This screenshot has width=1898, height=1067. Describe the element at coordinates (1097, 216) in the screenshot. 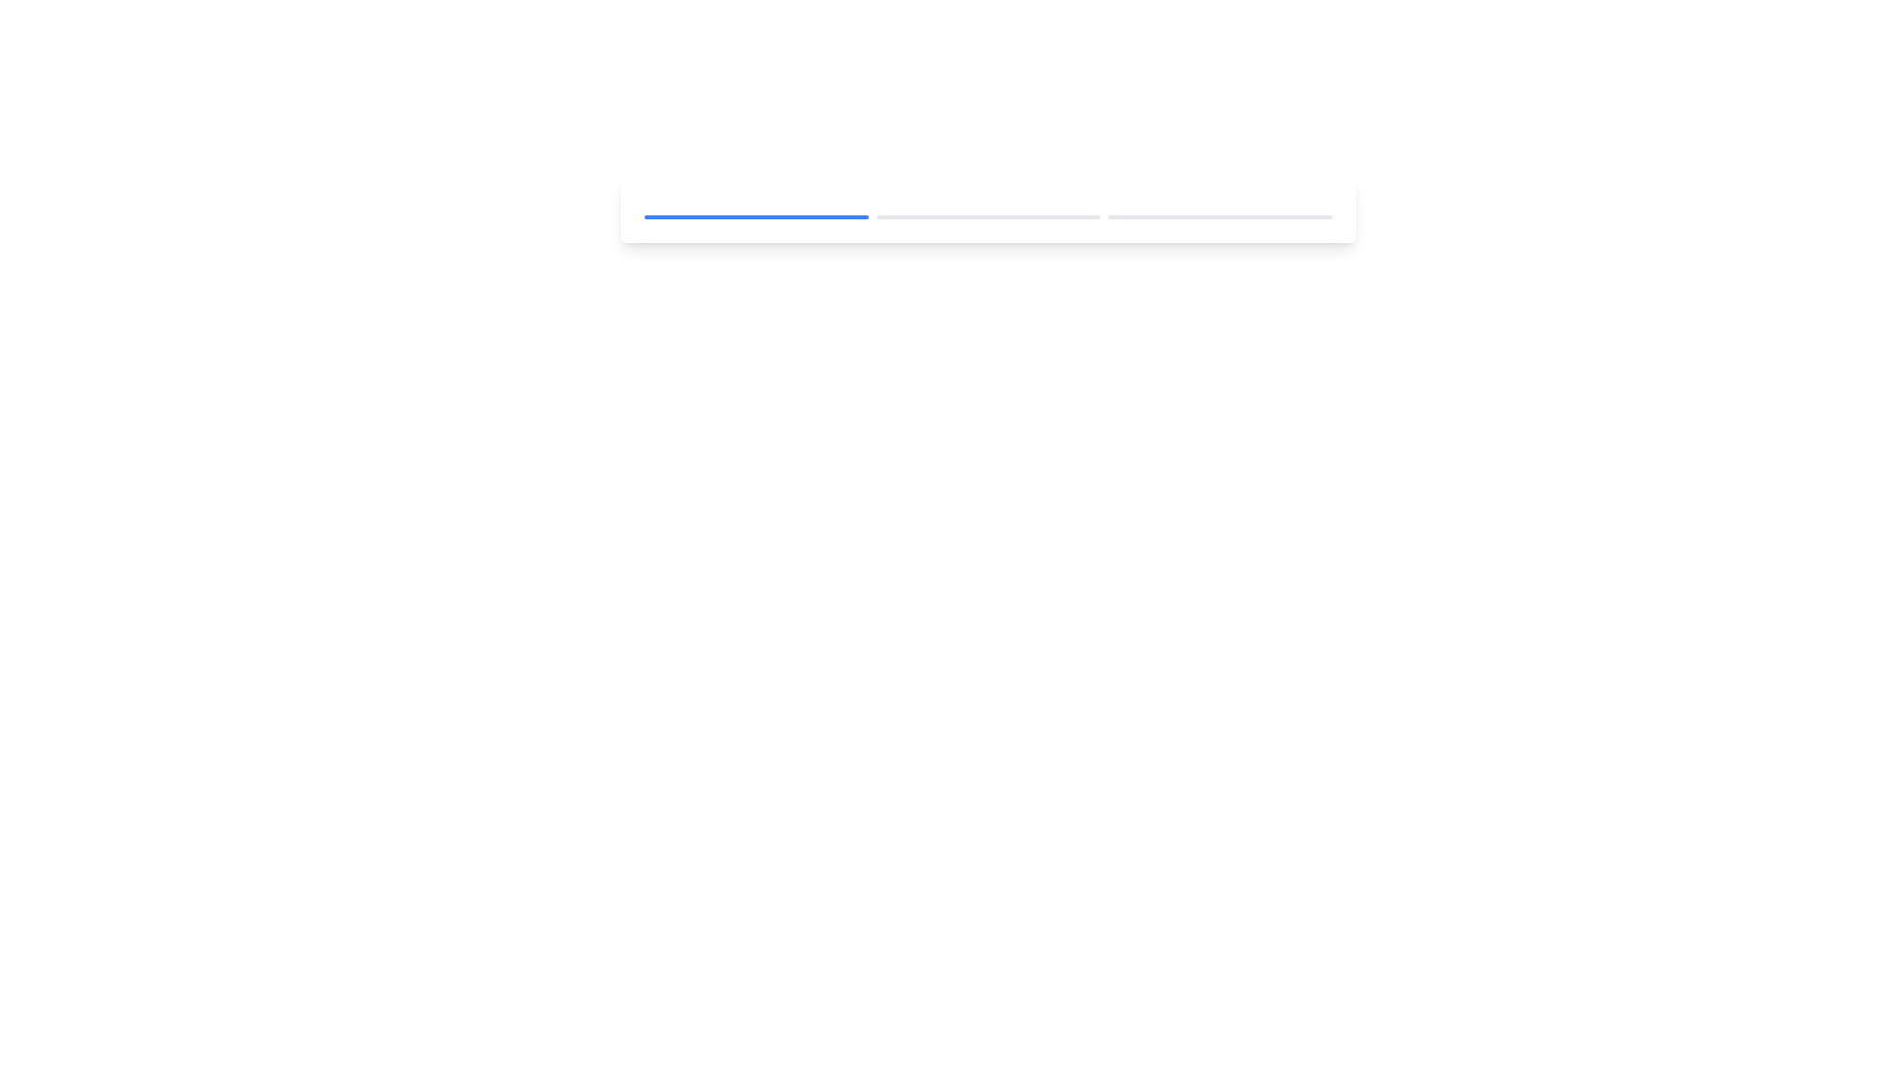

I see `the slider` at that location.